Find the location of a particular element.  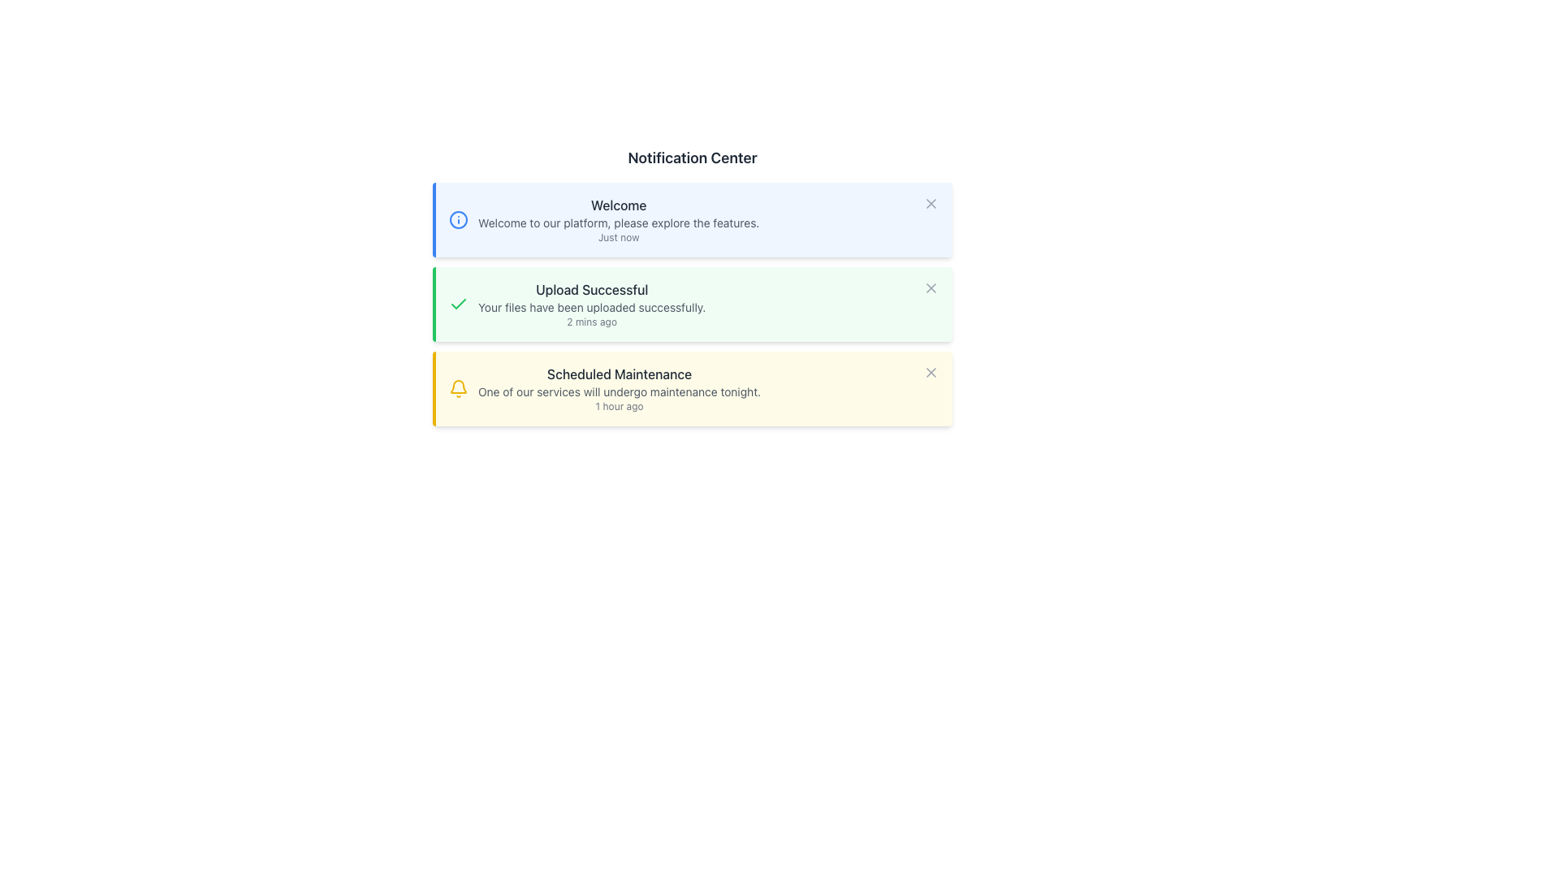

the Close Button icon, which is a small diagonal cross icon (X) located within the 'Upload Successful' notification on the far right side of the light green background section is located at coordinates (931, 287).